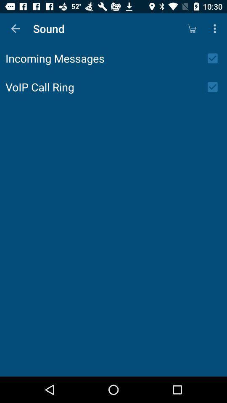 This screenshot has height=403, width=227. Describe the element at coordinates (215, 87) in the screenshot. I see `icon next to the voip call ring icon` at that location.